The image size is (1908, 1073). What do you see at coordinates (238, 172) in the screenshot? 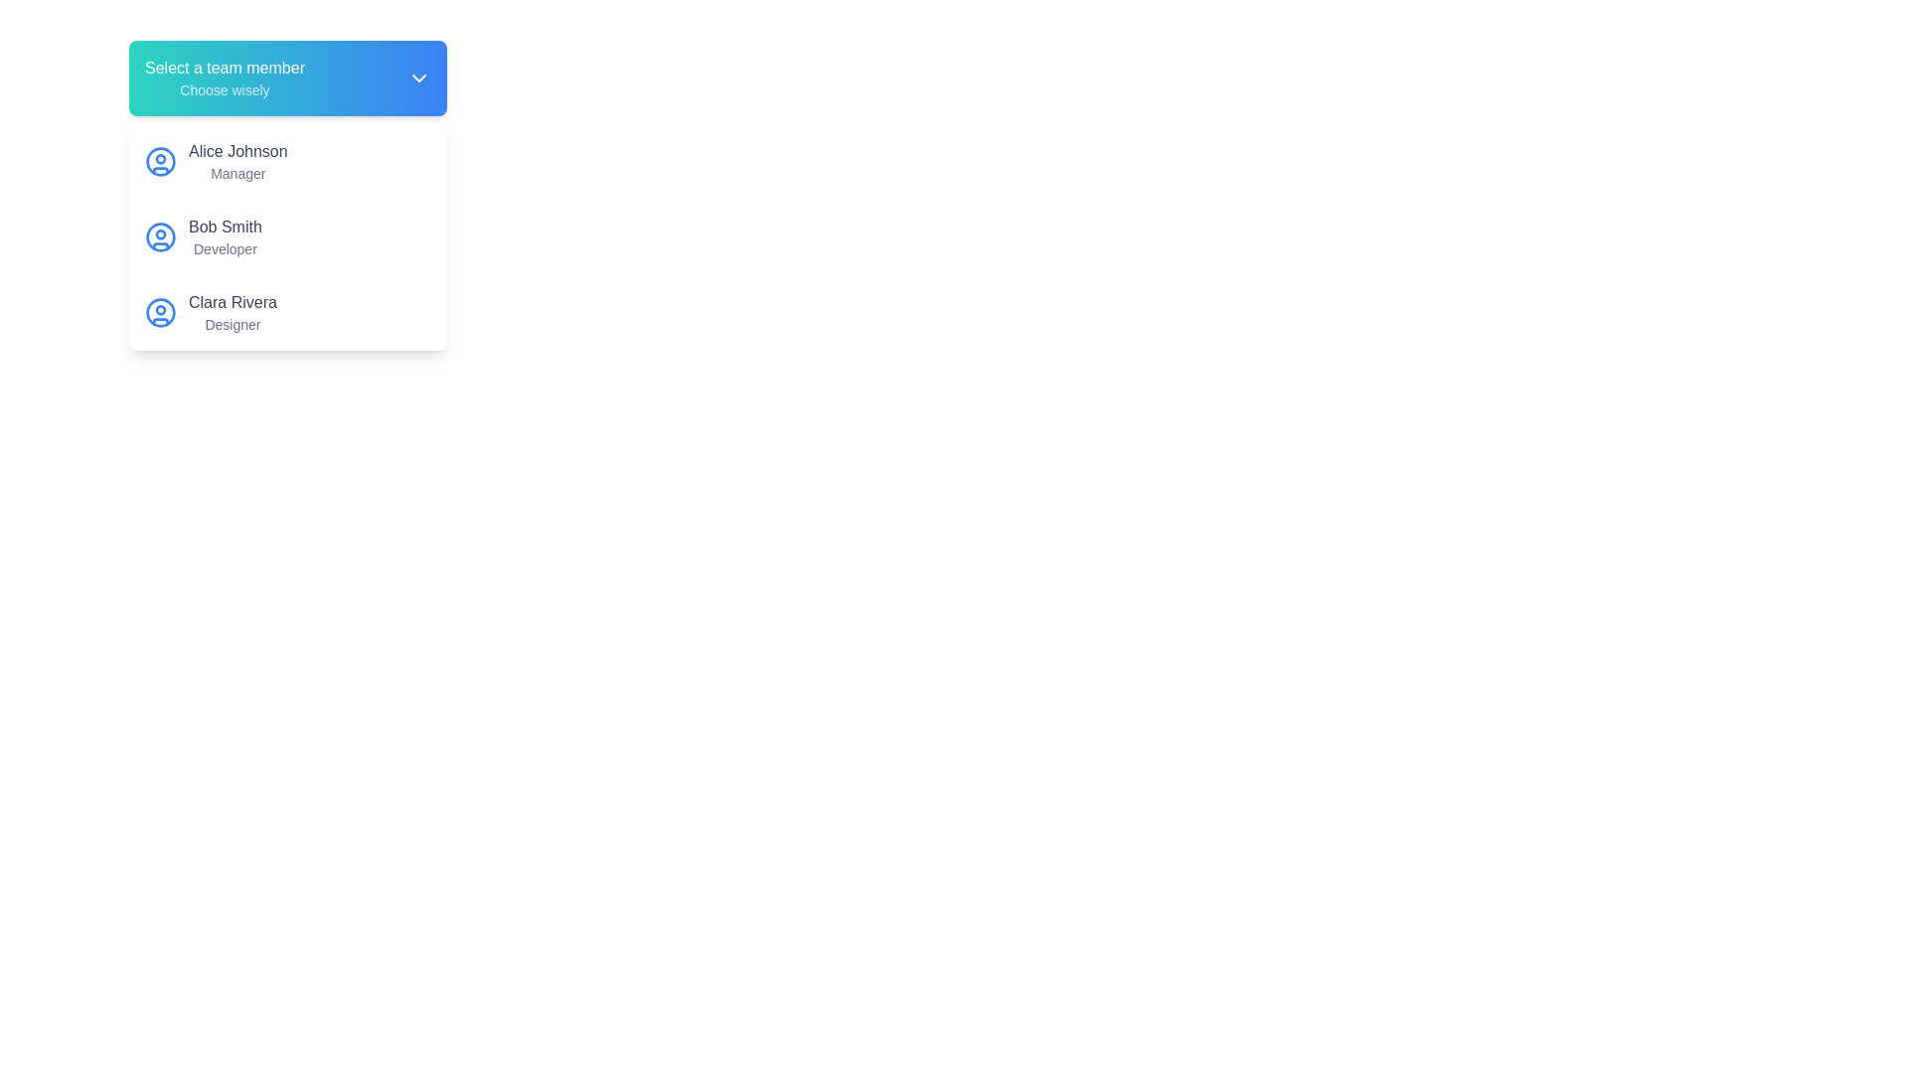
I see `role label 'Manager' located directly below the name 'Alice Johnson' in the dropdown list, which is the first entry in the dropdown` at bounding box center [238, 172].